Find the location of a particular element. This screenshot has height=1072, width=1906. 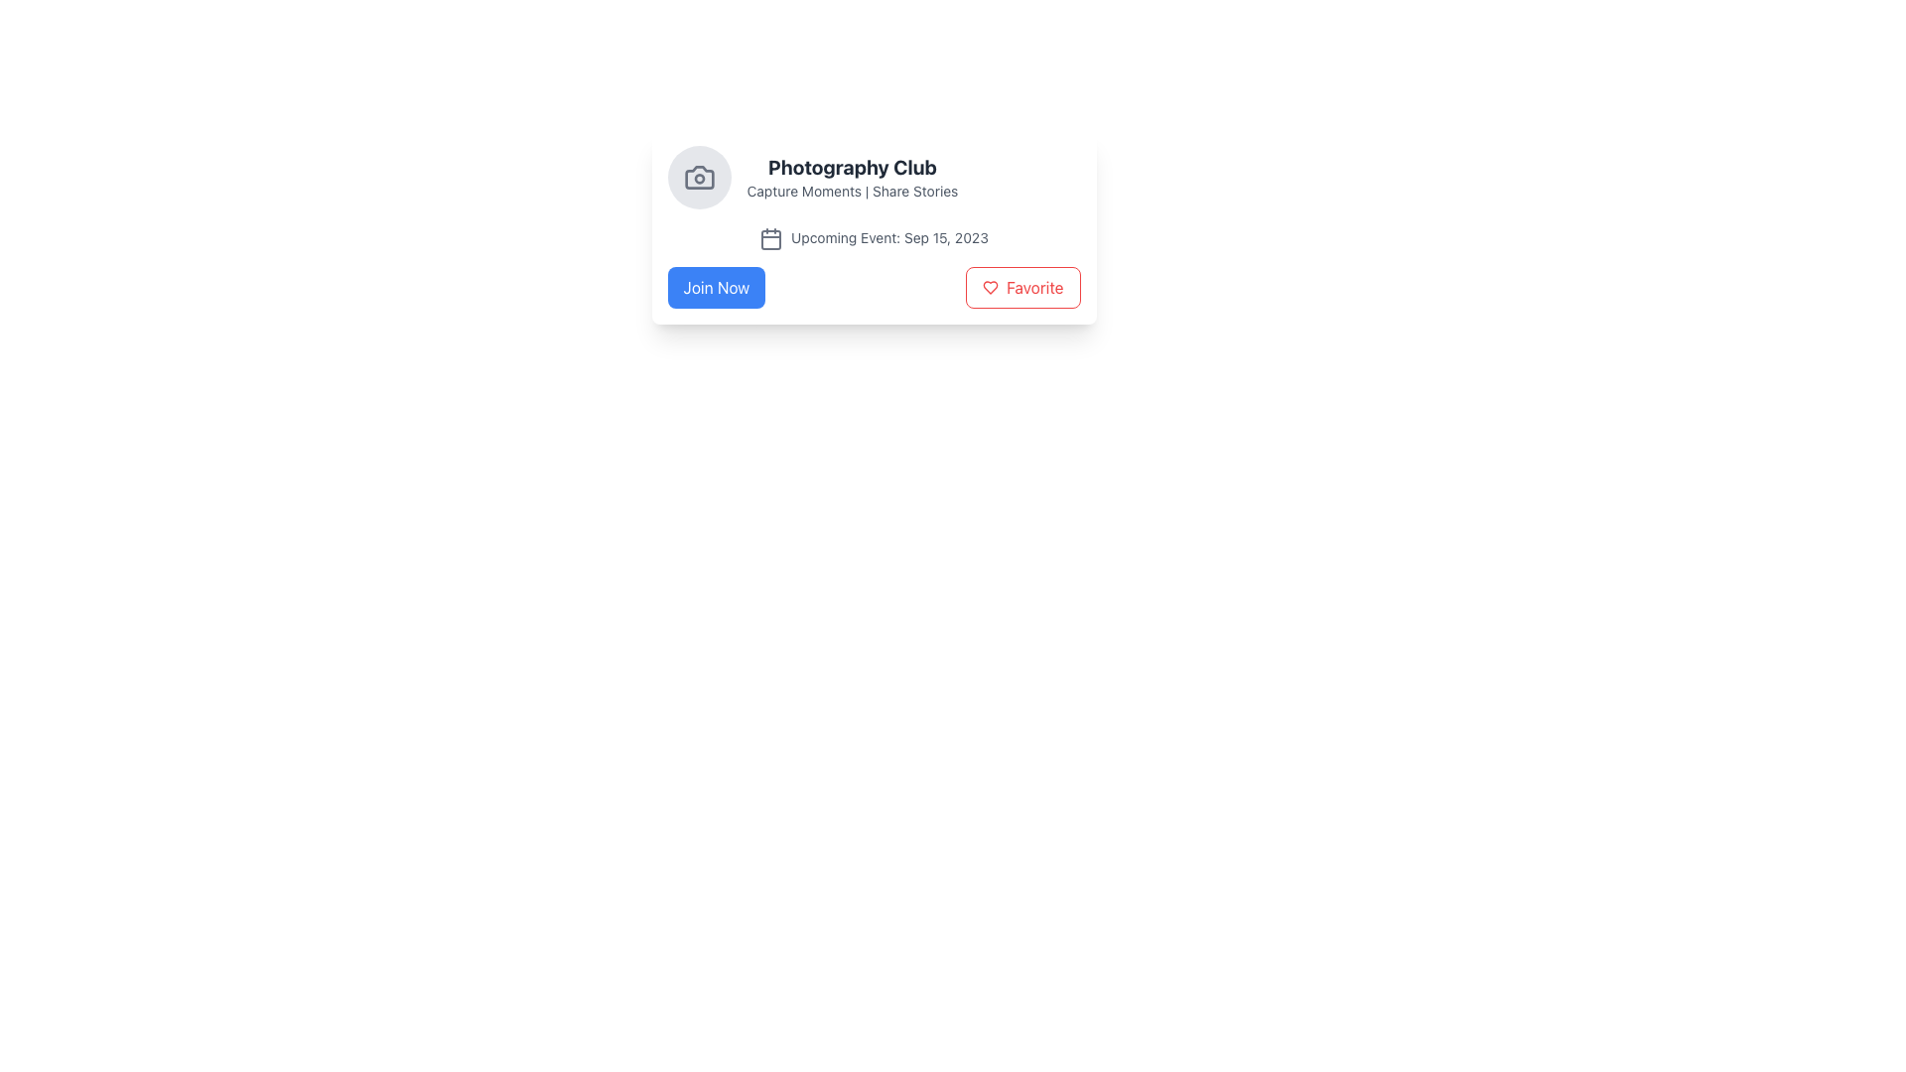

the circular camera icon with a light gray background, located next to the 'Photography Club' text block is located at coordinates (699, 176).